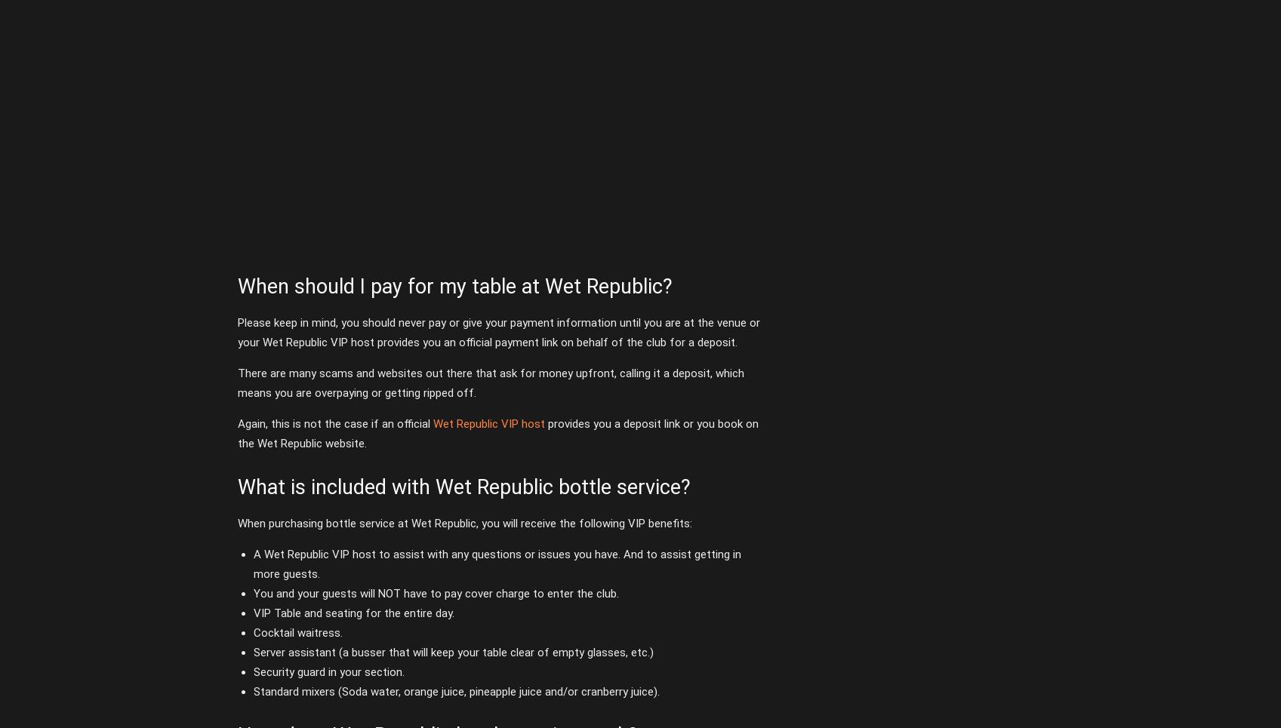 The image size is (1281, 728). I want to click on 'provides you a deposit link or you book on the Wet Republic website.', so click(236, 432).